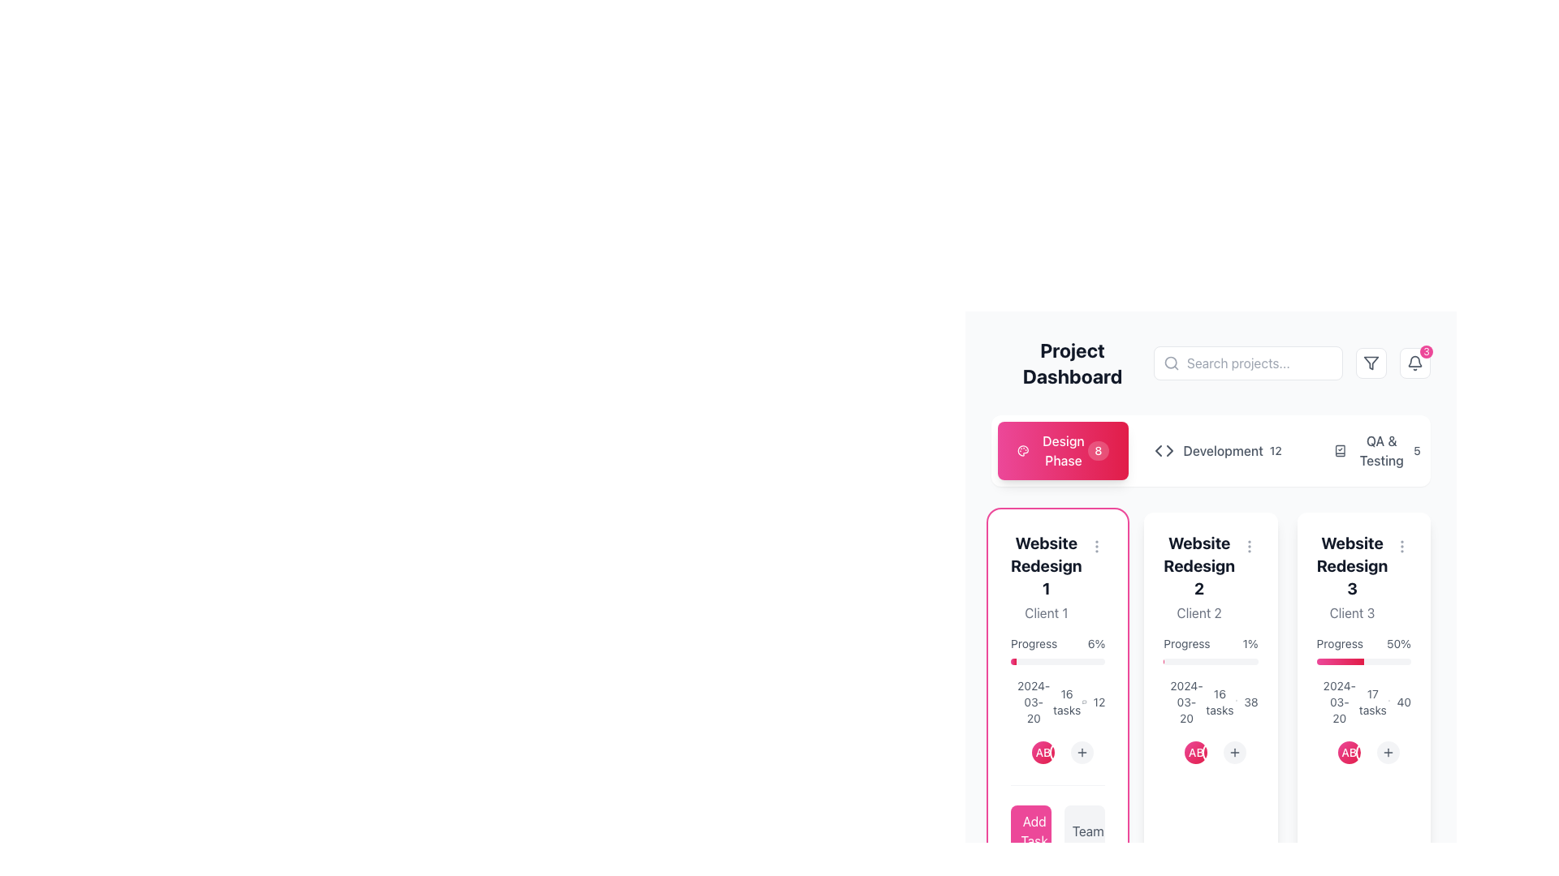 The width and height of the screenshot is (1559, 876). What do you see at coordinates (1363, 702) in the screenshot?
I see `the informational display grid showing date information, task count, and a number within the card labeled 'Website Redesign 3' associated with 'Client 3'. This element is located beneath the 'Progress' bar and is the last card in the row` at bounding box center [1363, 702].